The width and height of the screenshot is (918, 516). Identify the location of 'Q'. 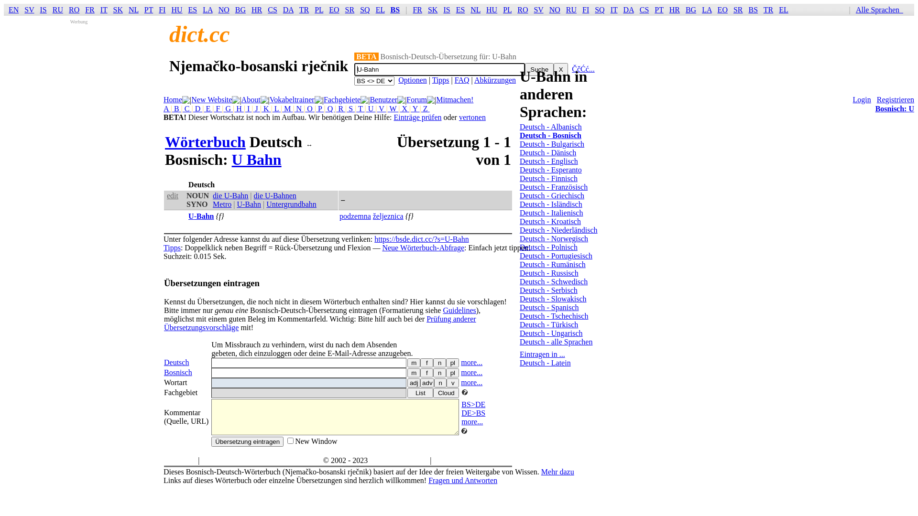
(330, 108).